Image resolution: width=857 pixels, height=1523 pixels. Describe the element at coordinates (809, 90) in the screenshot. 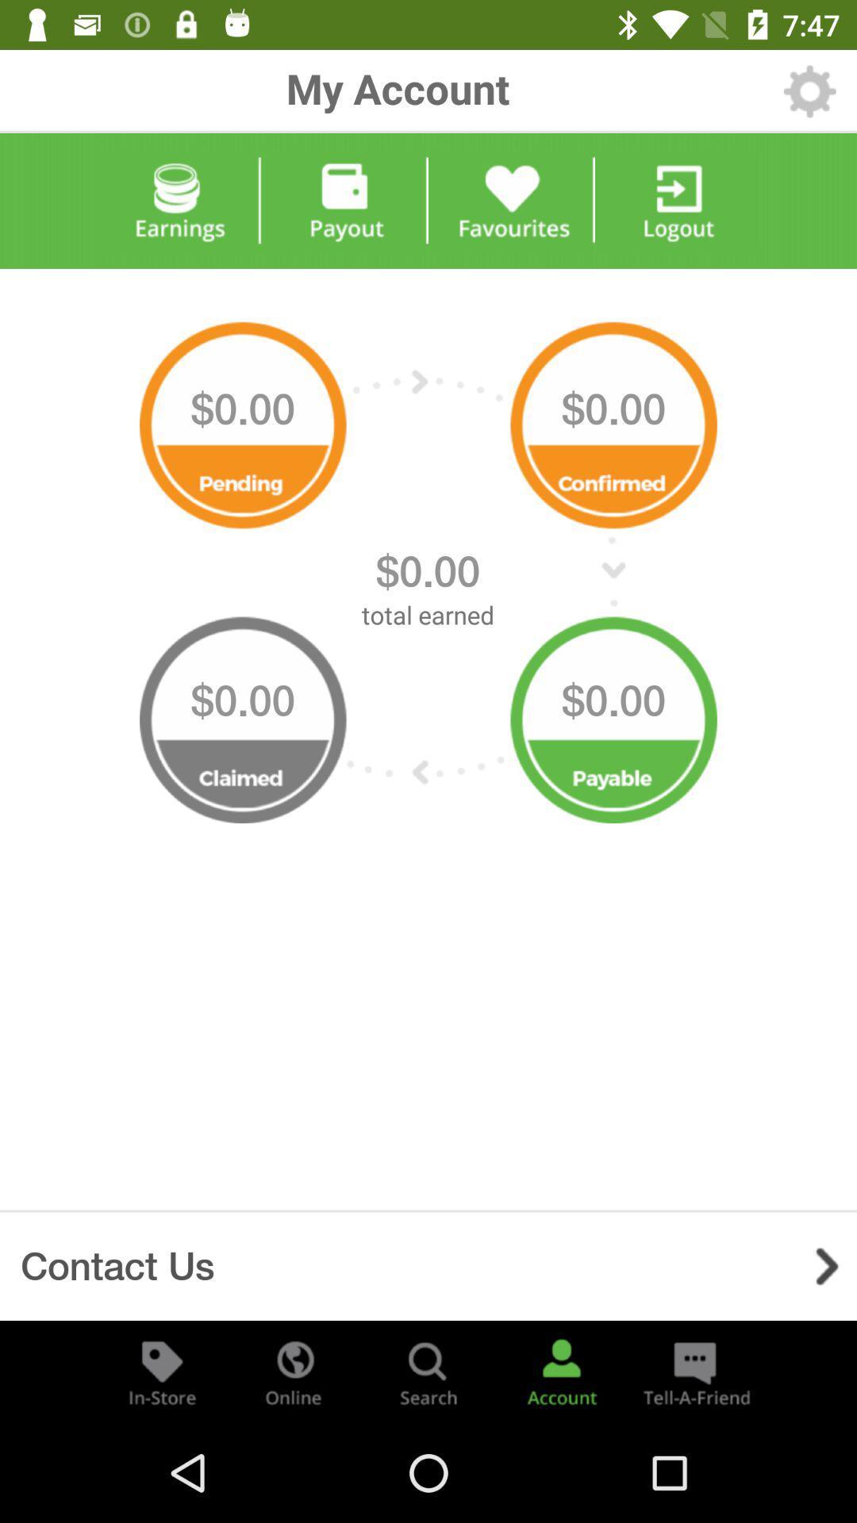

I see `settings` at that location.